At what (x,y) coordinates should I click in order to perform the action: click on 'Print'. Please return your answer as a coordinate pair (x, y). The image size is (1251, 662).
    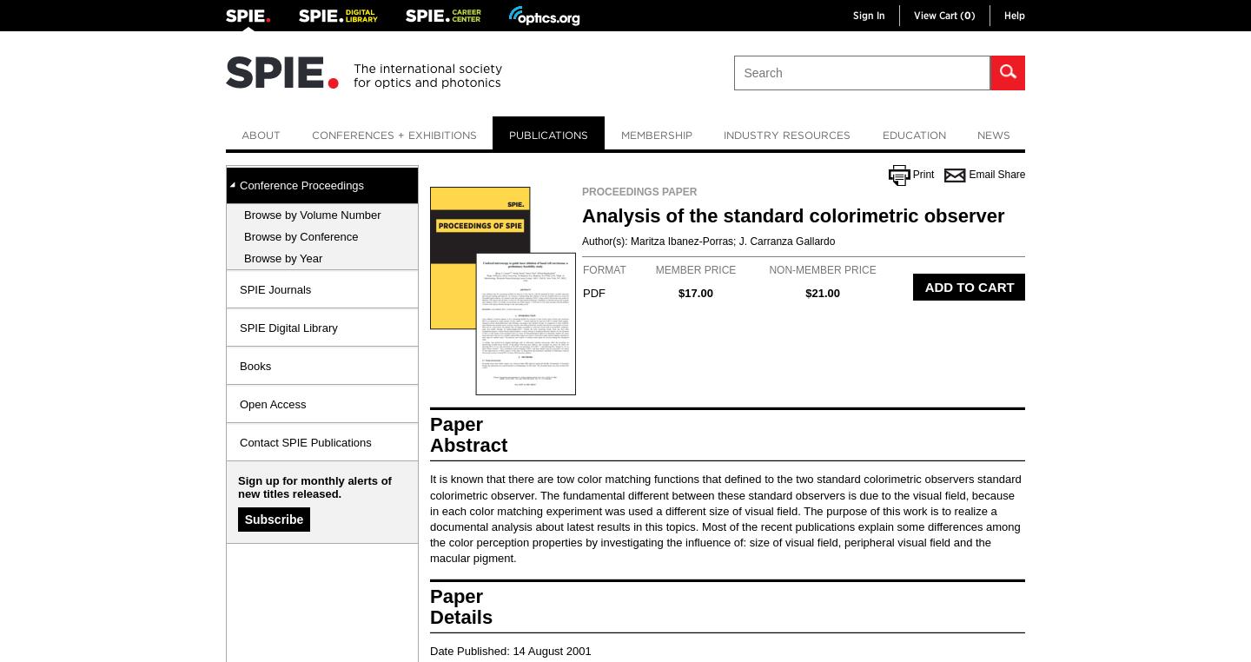
    Looking at the image, I should click on (923, 175).